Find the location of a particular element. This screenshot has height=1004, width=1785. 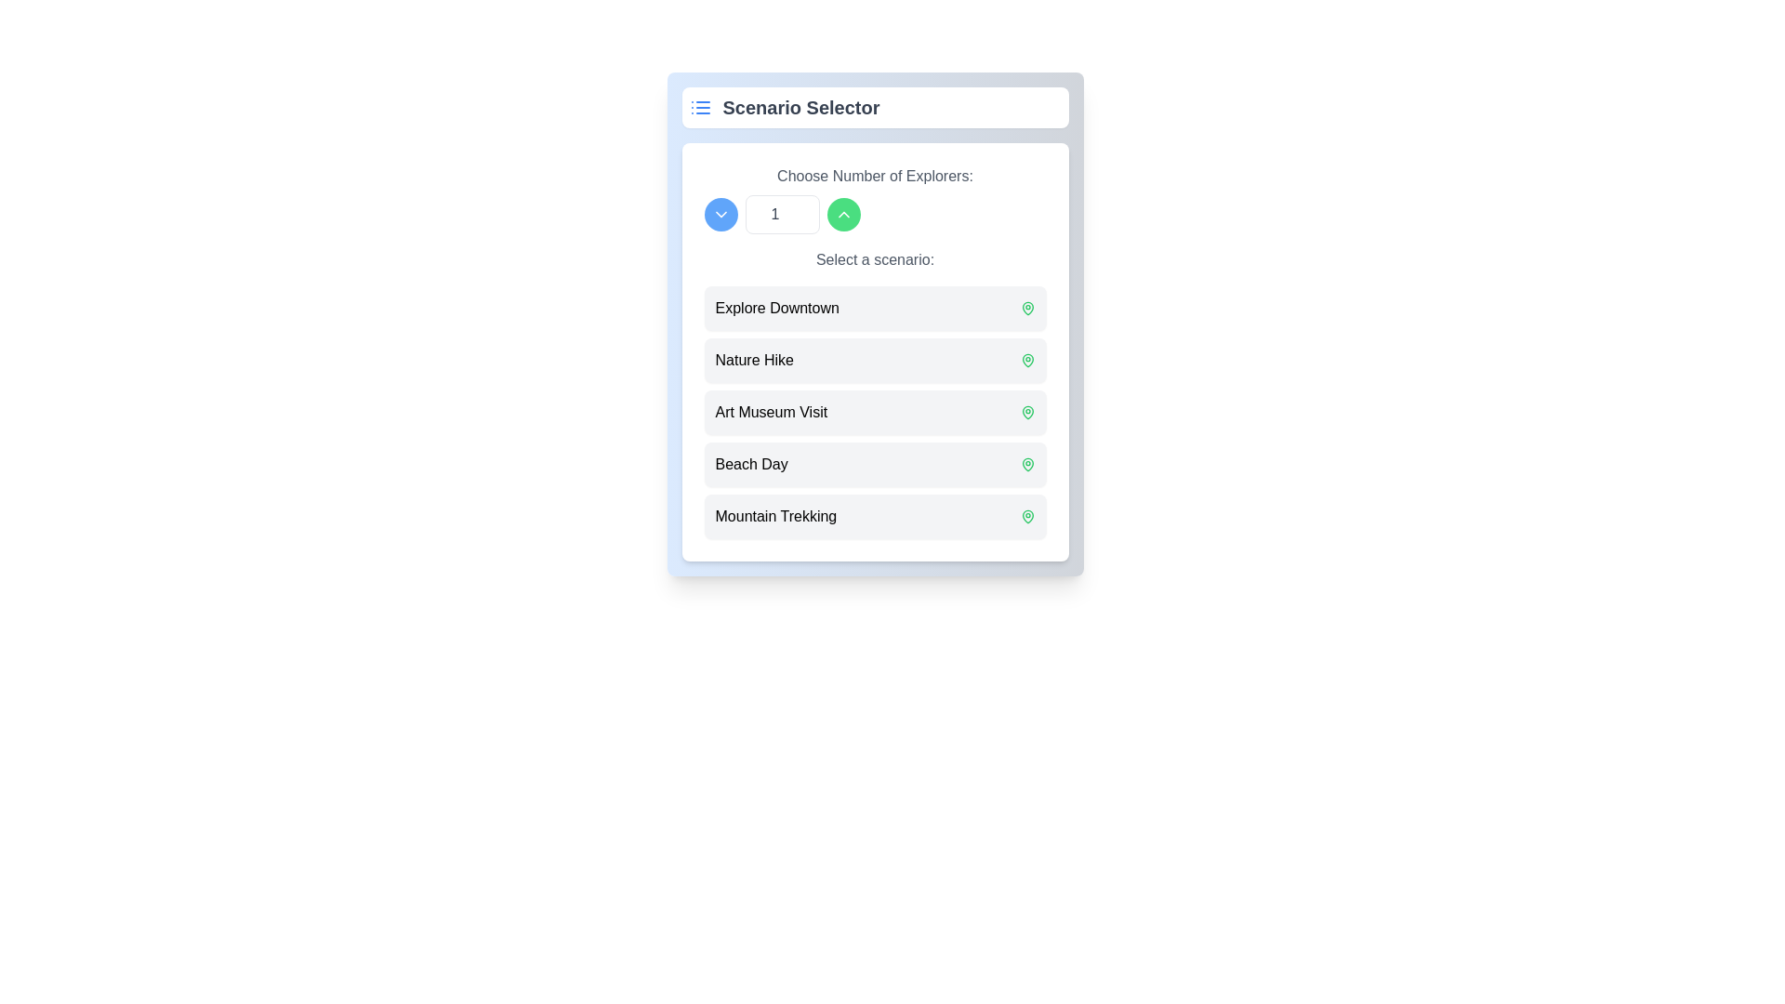

the downward-pointing chevron icon within the blue circular button is located at coordinates (720, 214).